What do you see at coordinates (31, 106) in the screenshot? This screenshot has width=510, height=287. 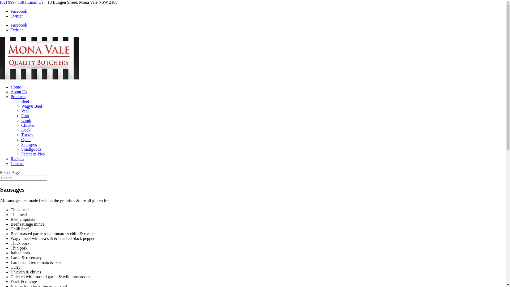 I see `'Wagyu Beef'` at bounding box center [31, 106].